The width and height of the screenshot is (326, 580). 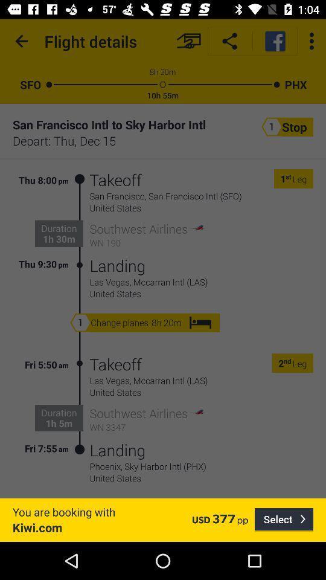 What do you see at coordinates (22, 41) in the screenshot?
I see `icon next to the flight details` at bounding box center [22, 41].